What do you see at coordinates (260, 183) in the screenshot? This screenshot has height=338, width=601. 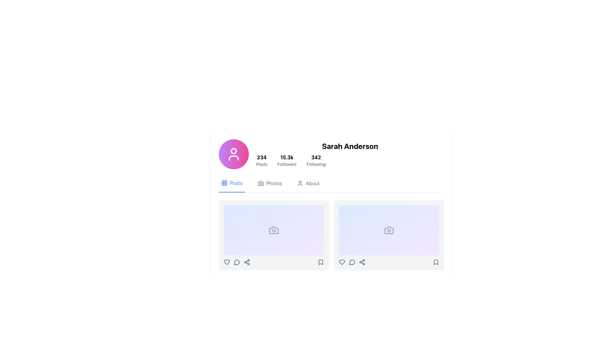 I see `the camera icon located on the menu bar, which is the leftmost element paired with the 'Photos' label` at bounding box center [260, 183].